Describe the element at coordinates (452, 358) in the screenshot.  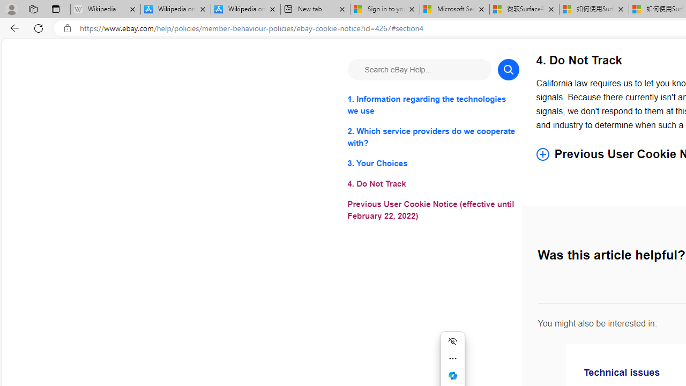
I see `'More actions'` at that location.